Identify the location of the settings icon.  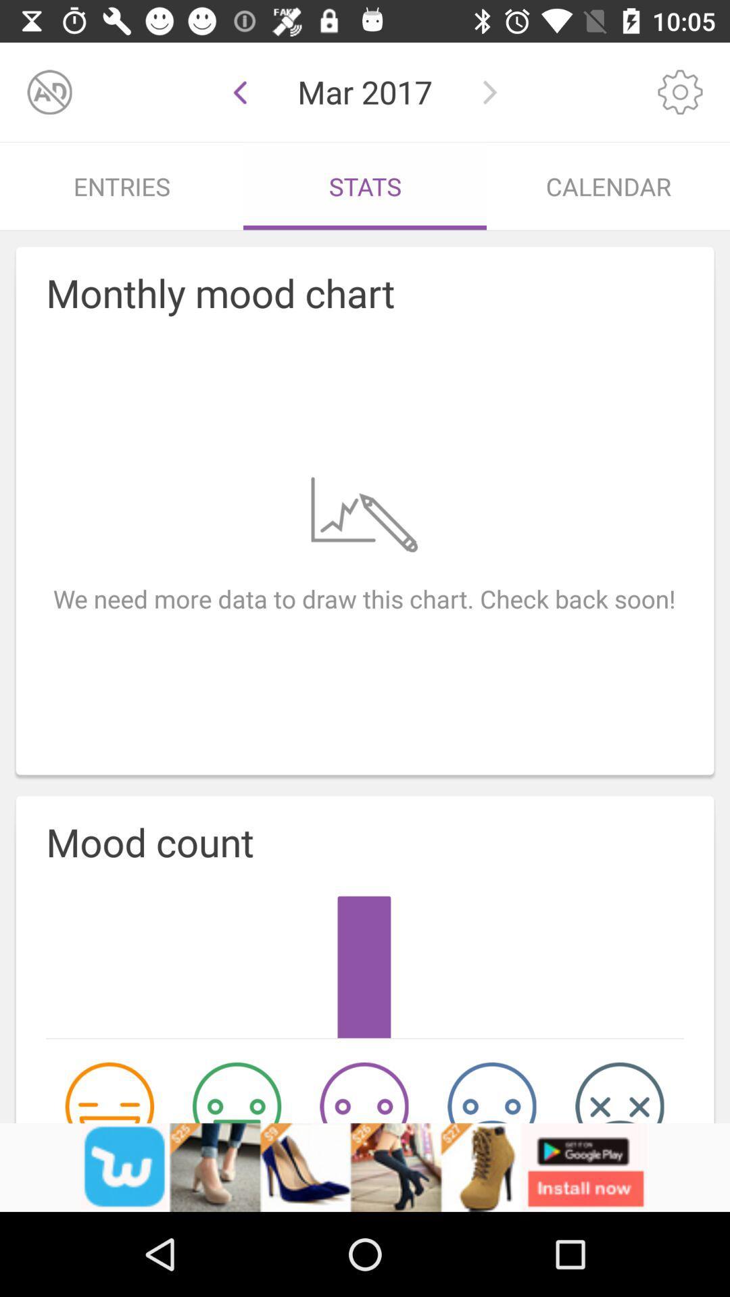
(680, 91).